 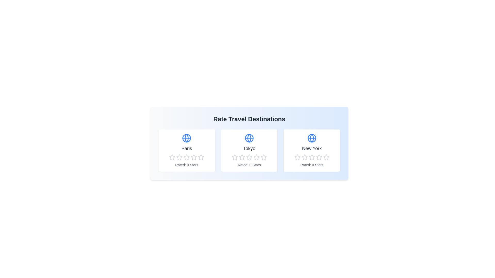 What do you see at coordinates (198, 205) in the screenshot?
I see `the background or container area at container_bottom` at bounding box center [198, 205].